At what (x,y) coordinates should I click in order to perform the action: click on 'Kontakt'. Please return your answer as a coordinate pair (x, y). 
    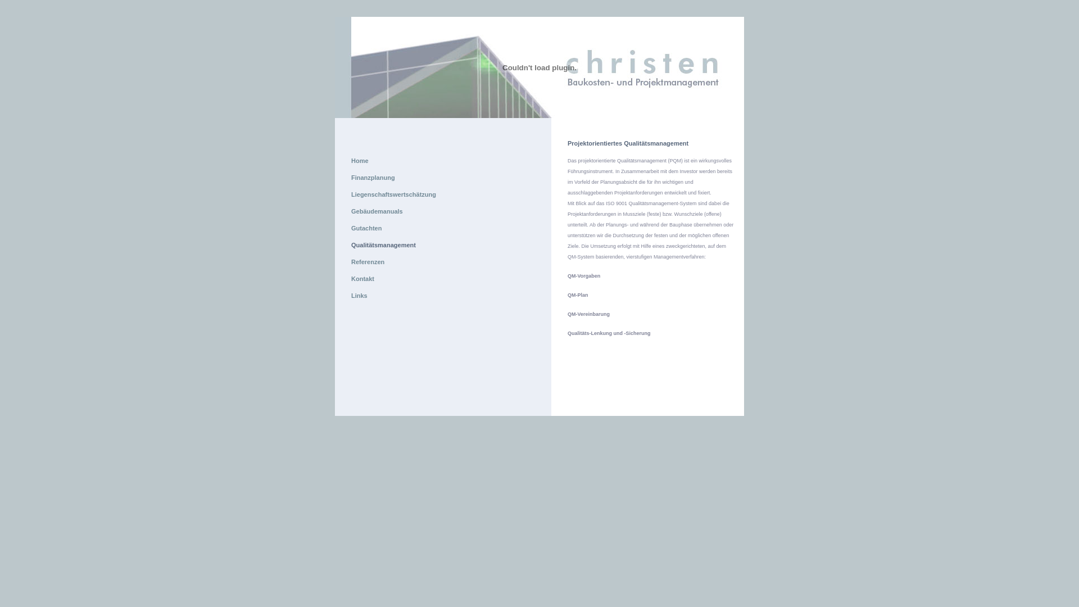
    Looking at the image, I should click on (350, 278).